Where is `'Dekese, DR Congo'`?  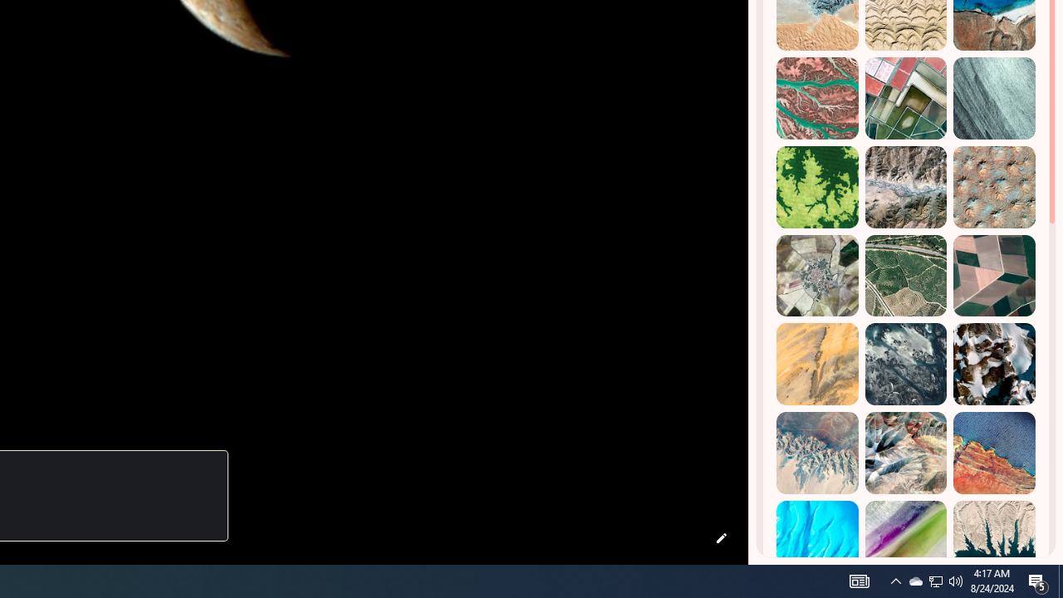
'Dekese, DR Congo' is located at coordinates (817, 187).